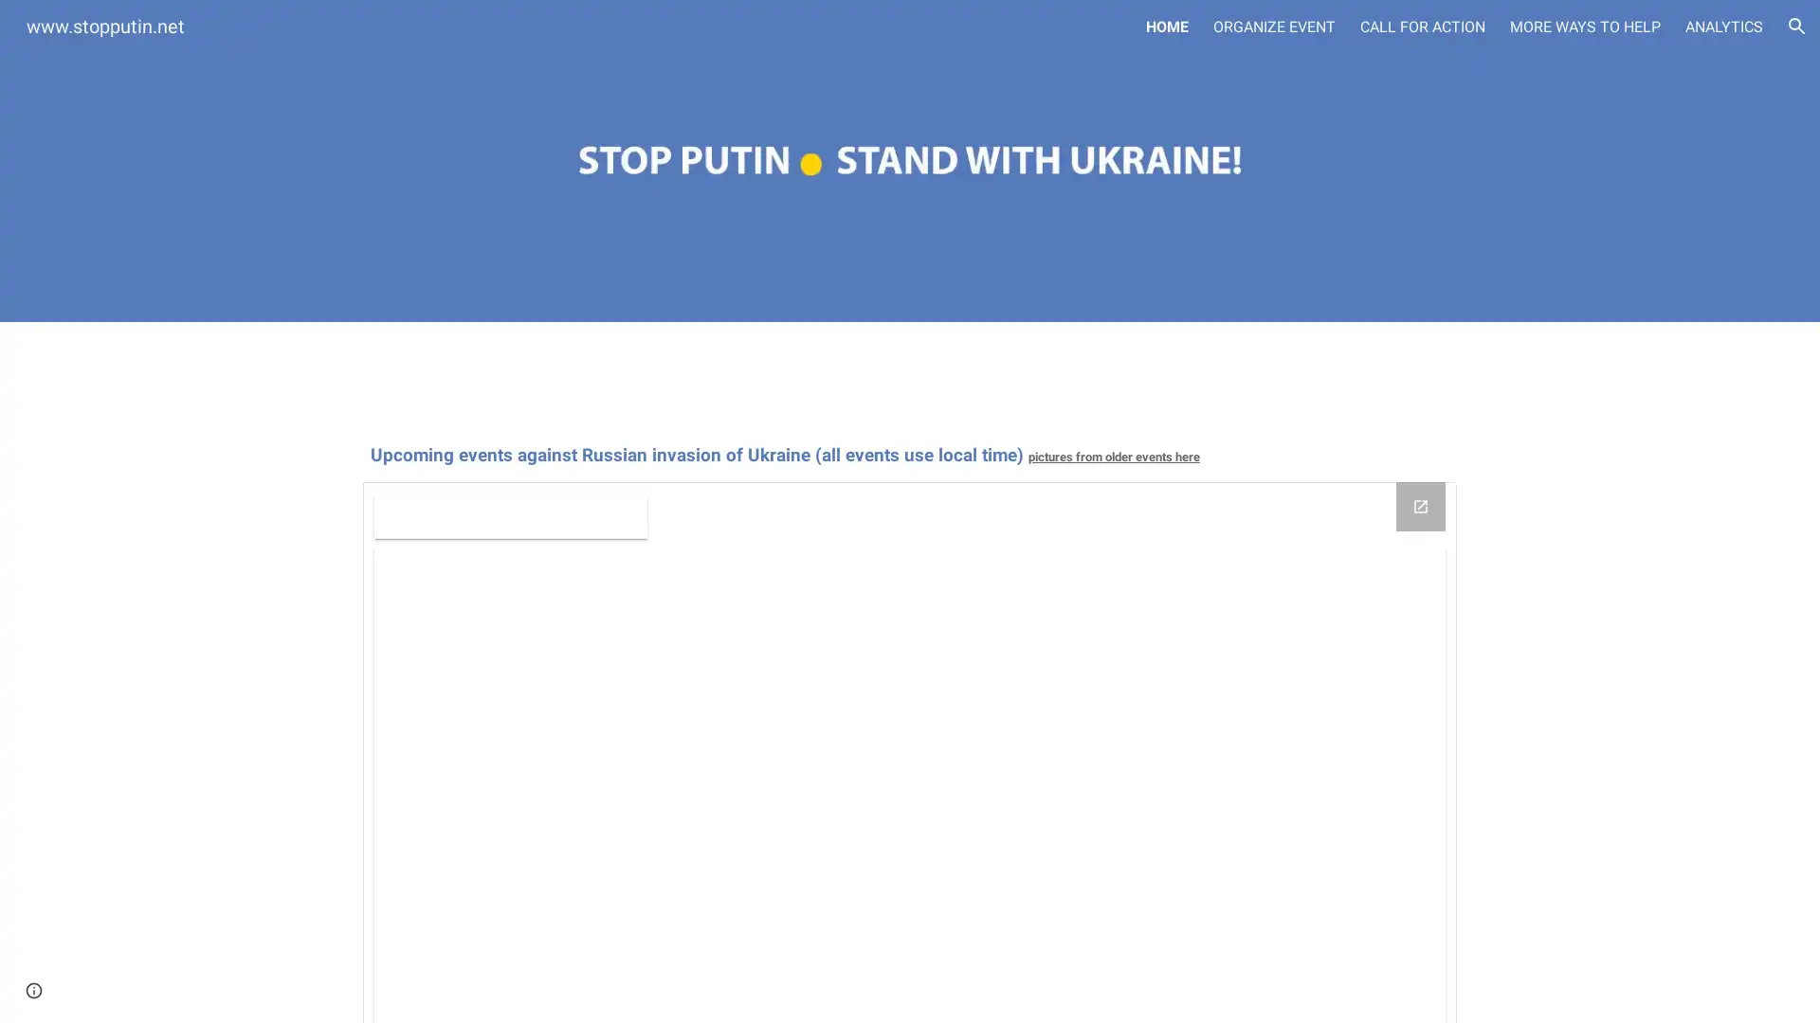 The width and height of the screenshot is (1820, 1023). What do you see at coordinates (146, 989) in the screenshot?
I see `Google Sites` at bounding box center [146, 989].